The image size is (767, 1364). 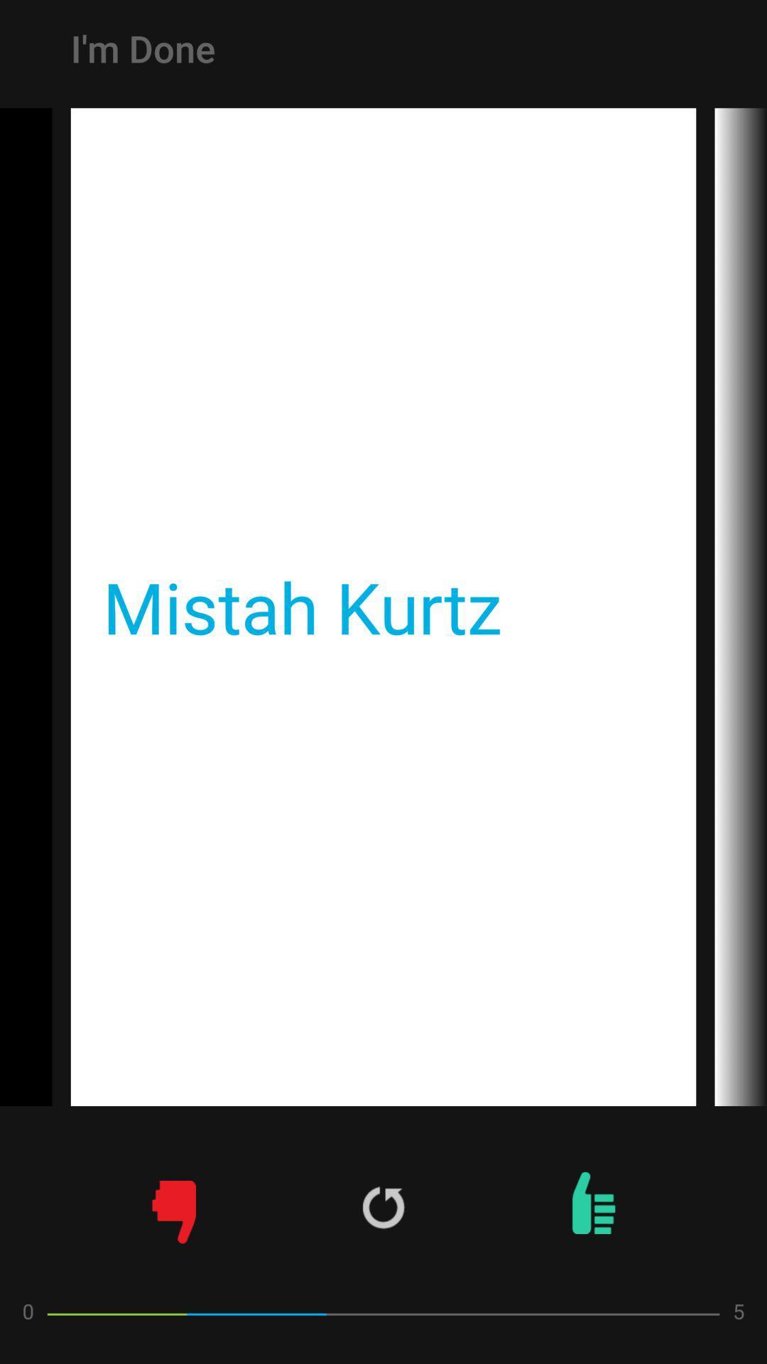 What do you see at coordinates (383, 1206) in the screenshot?
I see `the refresh icon` at bounding box center [383, 1206].